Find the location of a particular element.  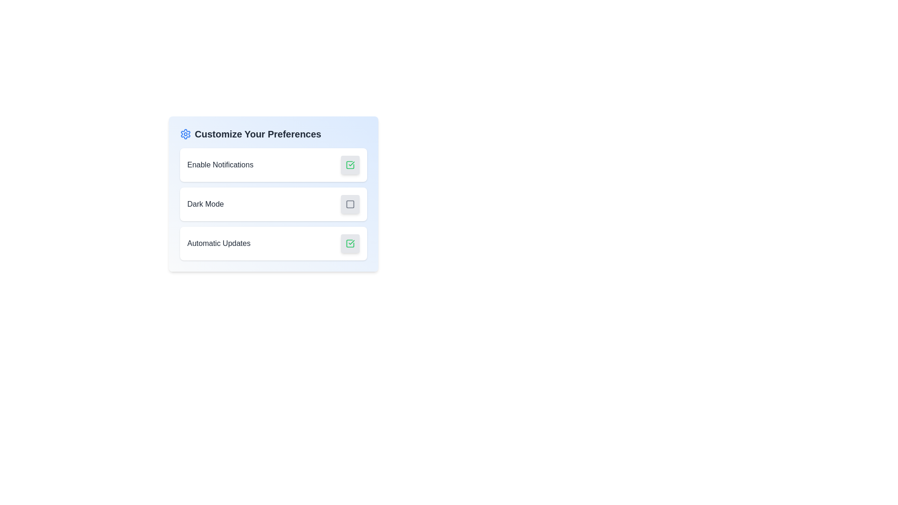

the text label 'Customize Your Preferences' which serves as the header for customizing user preferences is located at coordinates (258, 134).